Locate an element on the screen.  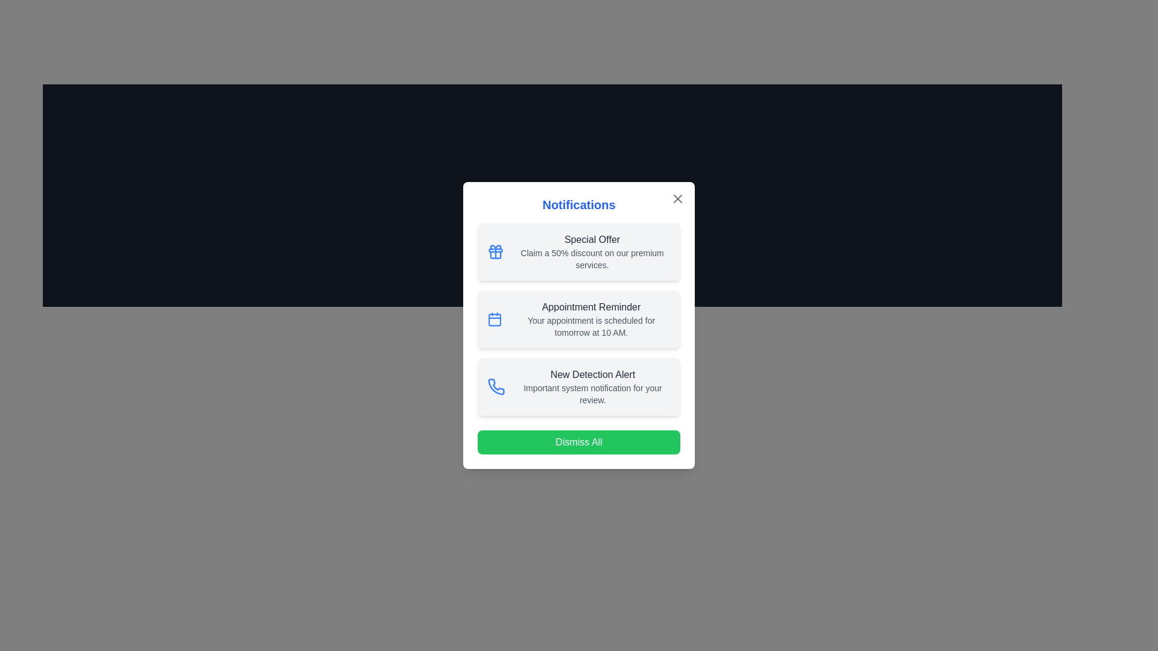
the blue calendar icon located to the left of the text 'Appointment Reminder' in the second notification entry is located at coordinates (495, 318).